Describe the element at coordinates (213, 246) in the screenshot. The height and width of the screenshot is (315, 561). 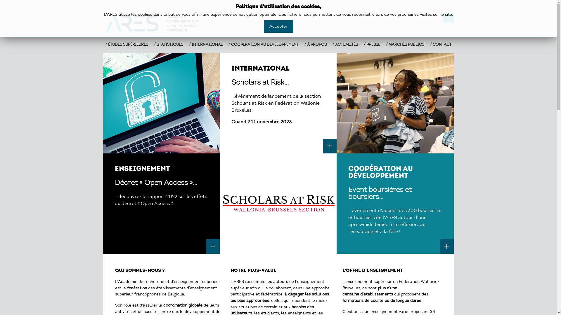
I see `'+'` at that location.